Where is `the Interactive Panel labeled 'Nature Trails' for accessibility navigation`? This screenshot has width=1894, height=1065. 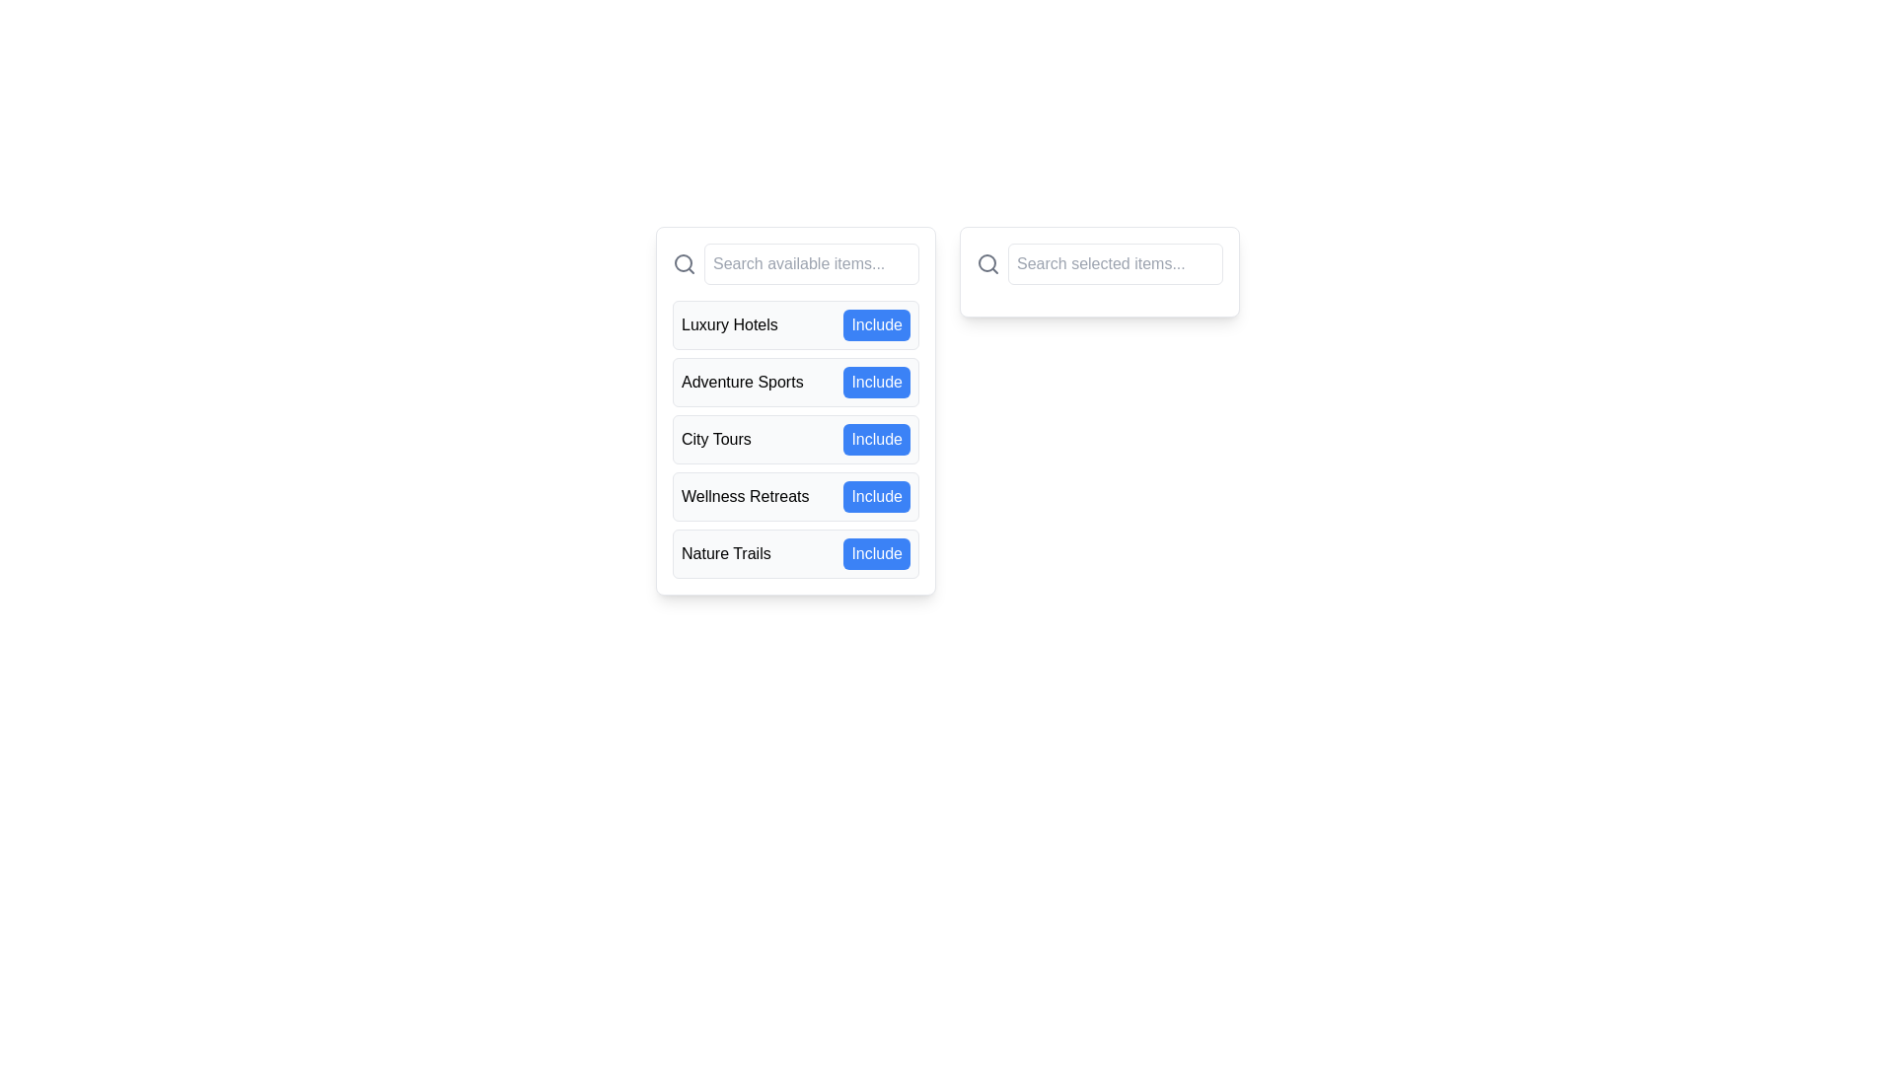 the Interactive Panel labeled 'Nature Trails' for accessibility navigation is located at coordinates (795, 554).